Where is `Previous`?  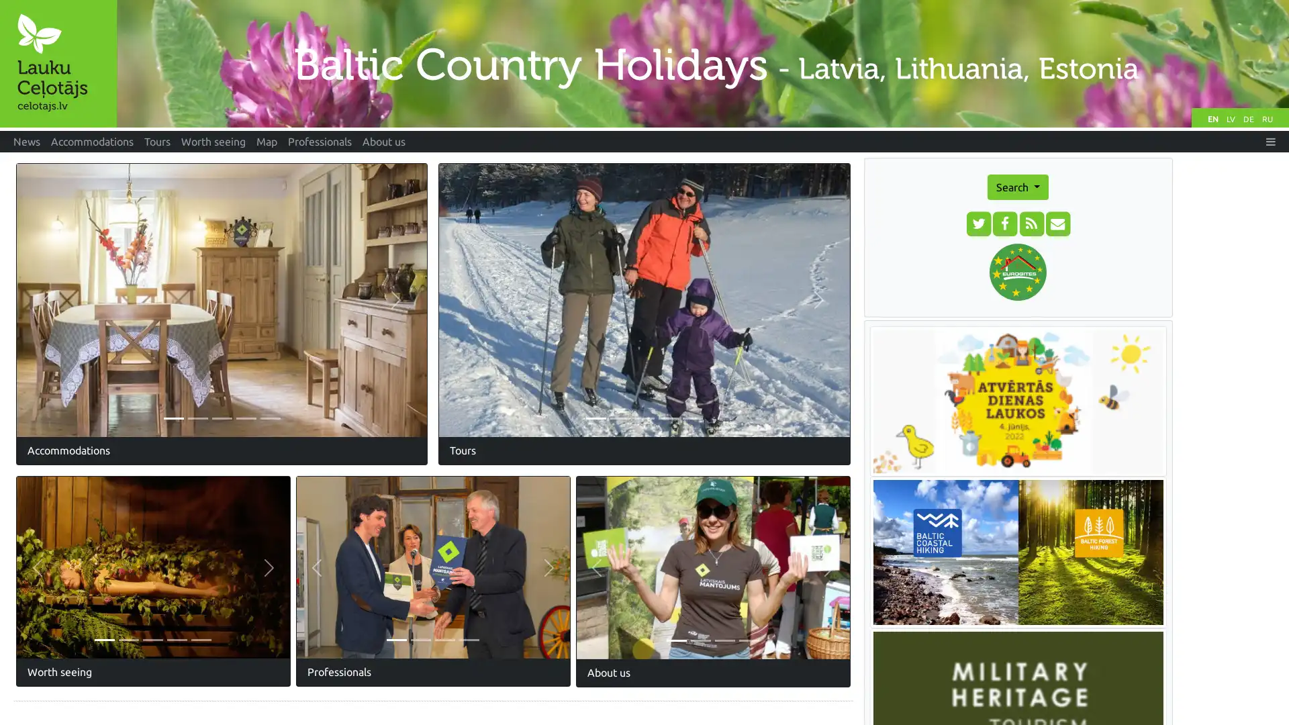 Previous is located at coordinates (37, 567).